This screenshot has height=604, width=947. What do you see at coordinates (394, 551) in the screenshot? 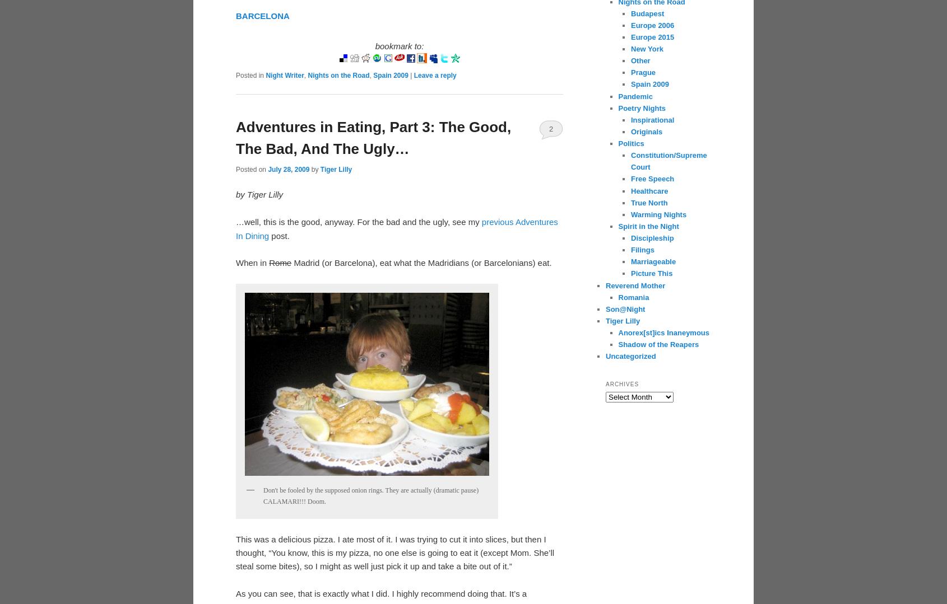
I see `'This was a delicious pizza. I ate most of it. I was trying to cut it into slices, but then I thought, “You know, this is my pizza, no one else is going to eat it (except Mom. She’ll steal some bites), so I might as well just pick it up and take a bite out of it.”'` at bounding box center [394, 551].